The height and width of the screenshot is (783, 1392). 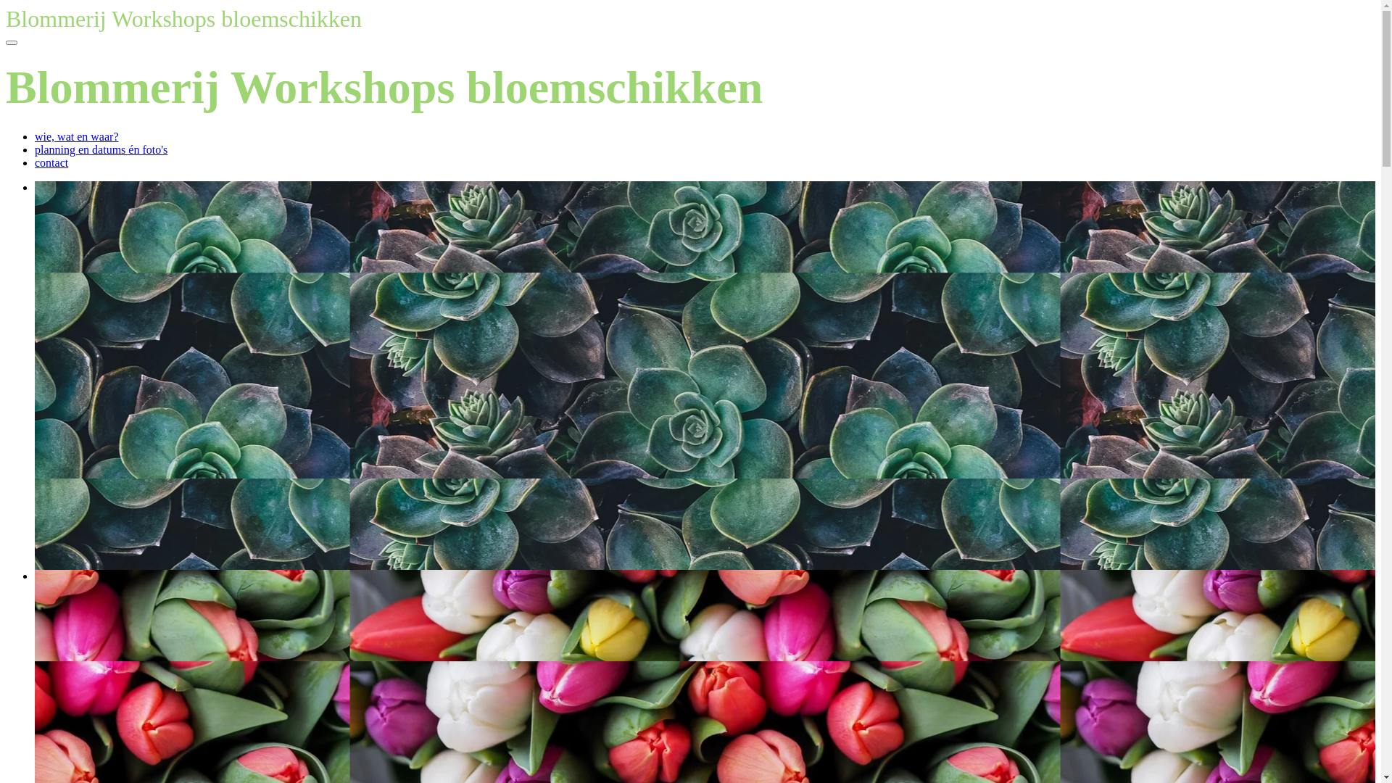 What do you see at coordinates (75, 136) in the screenshot?
I see `'wie, wat en waar?'` at bounding box center [75, 136].